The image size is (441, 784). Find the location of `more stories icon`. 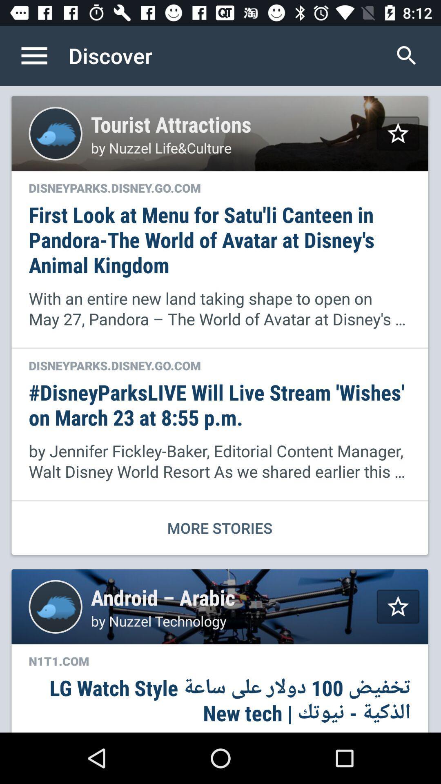

more stories icon is located at coordinates (219, 528).